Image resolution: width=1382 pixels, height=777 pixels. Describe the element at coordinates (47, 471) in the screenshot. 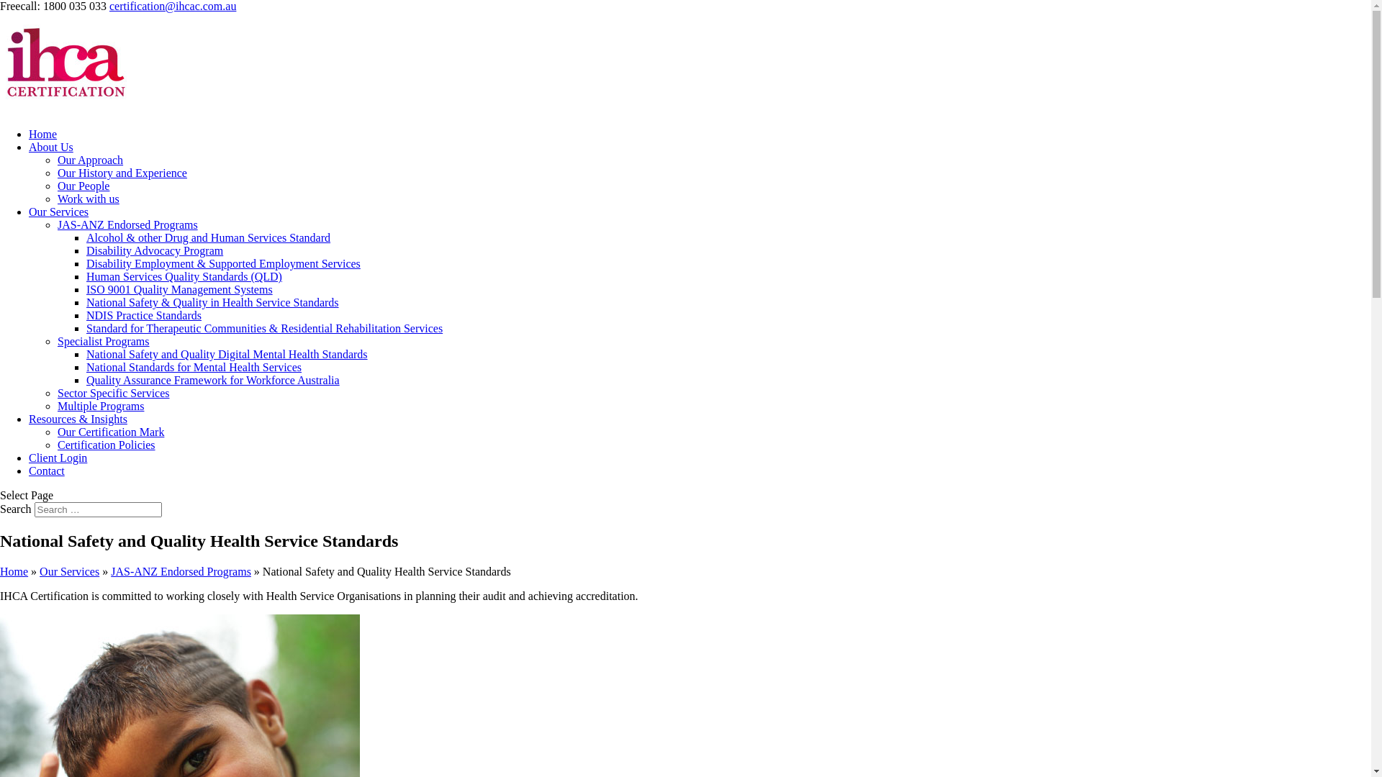

I see `'Contact'` at that location.